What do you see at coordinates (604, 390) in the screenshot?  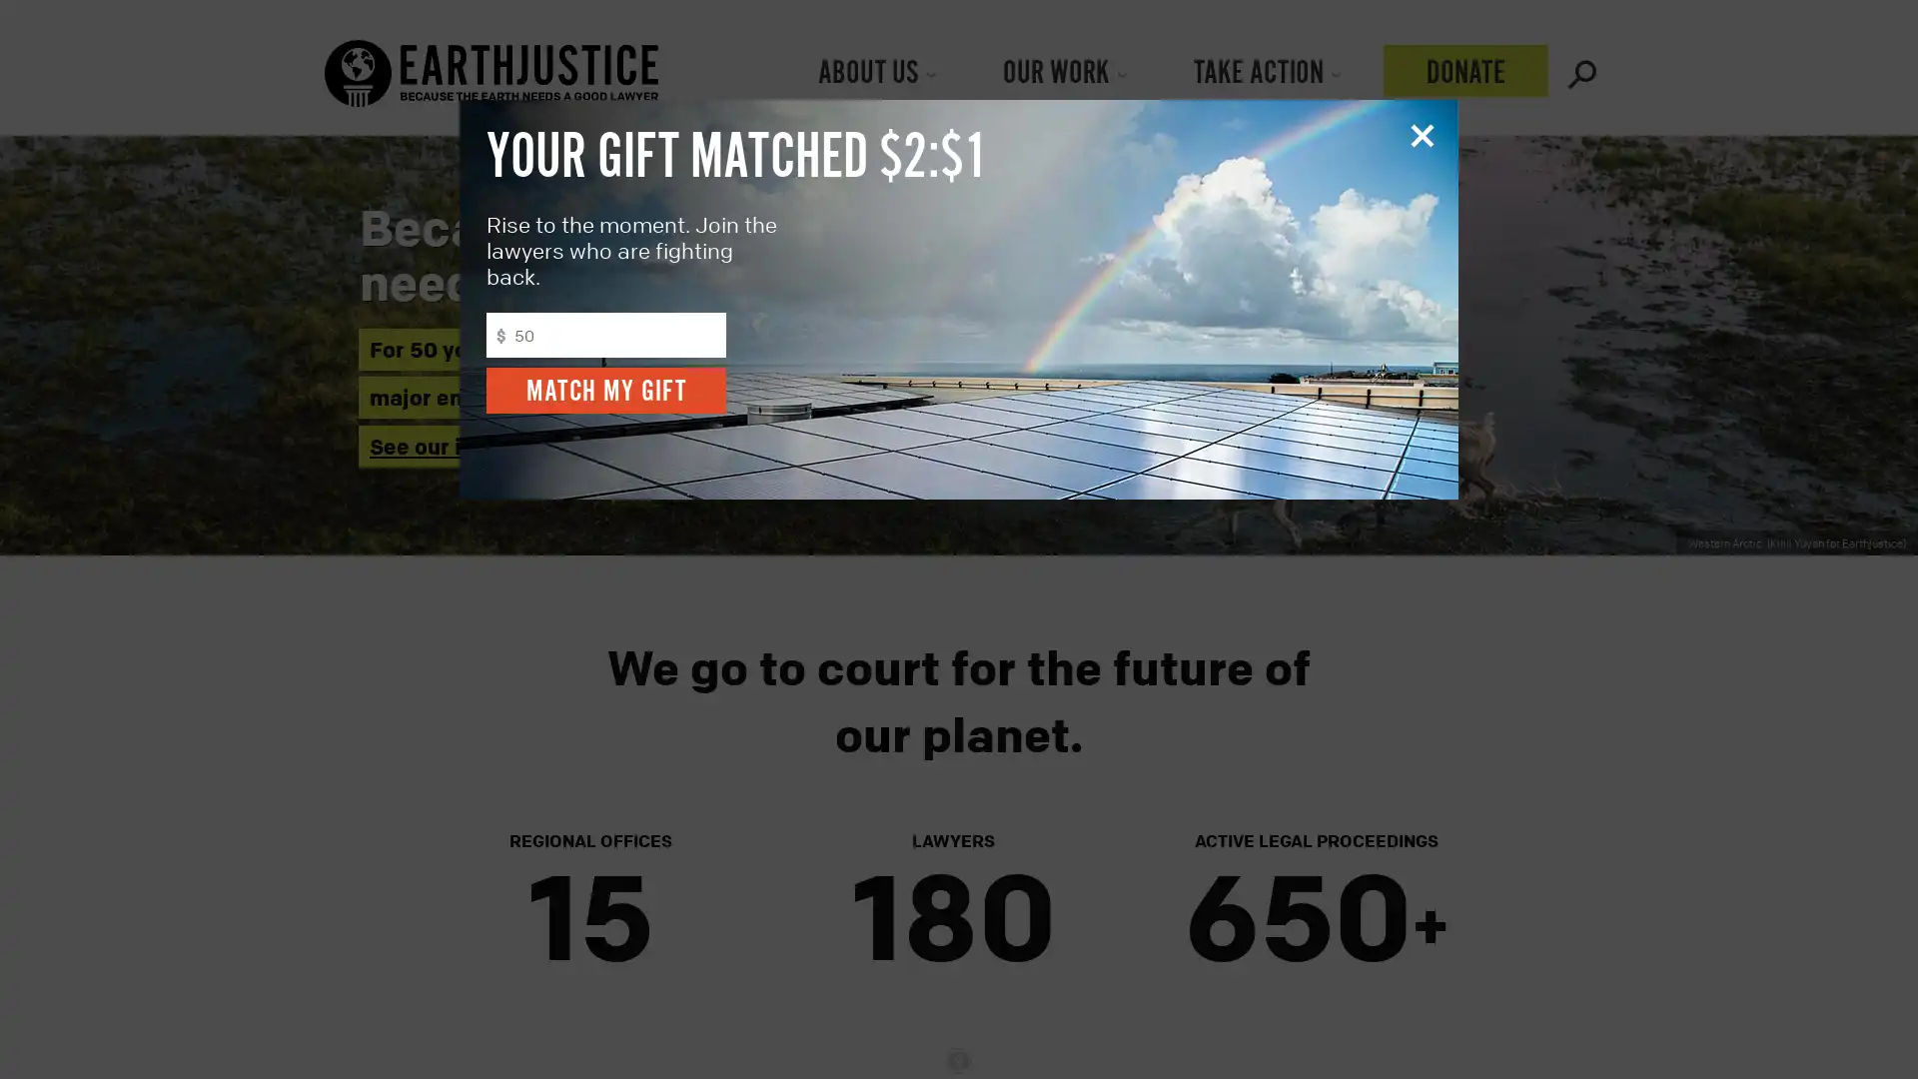 I see `MATCH MY GIFT` at bounding box center [604, 390].